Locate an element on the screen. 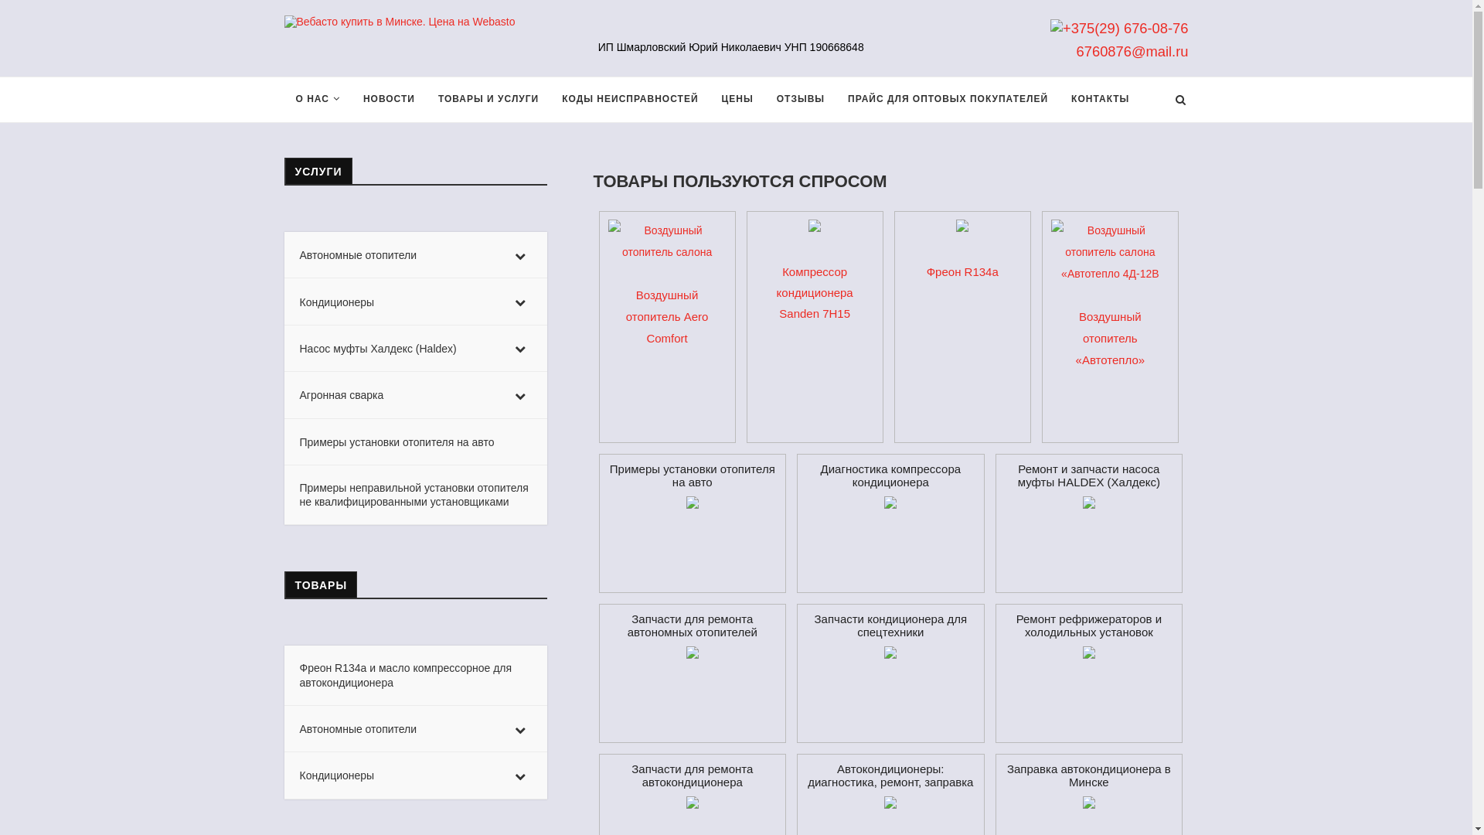  '+375(29) 676-08-76' is located at coordinates (1119, 28).